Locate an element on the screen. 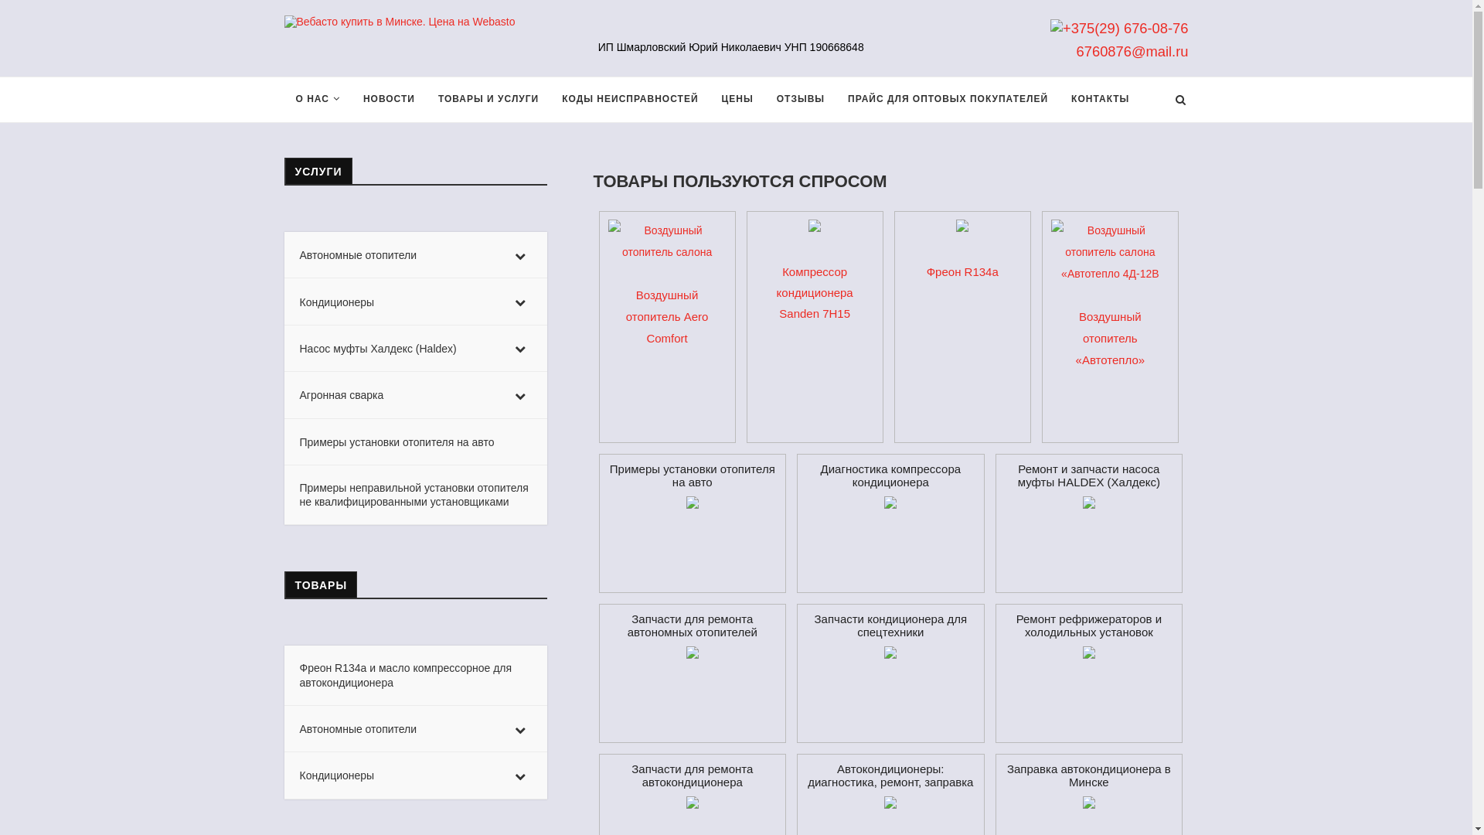  '+375(29) 676-08-76' is located at coordinates (1119, 28).